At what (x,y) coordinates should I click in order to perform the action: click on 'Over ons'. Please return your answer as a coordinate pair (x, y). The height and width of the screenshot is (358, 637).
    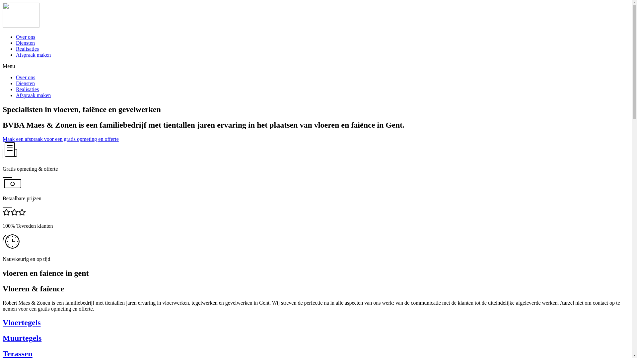
    Looking at the image, I should click on (25, 77).